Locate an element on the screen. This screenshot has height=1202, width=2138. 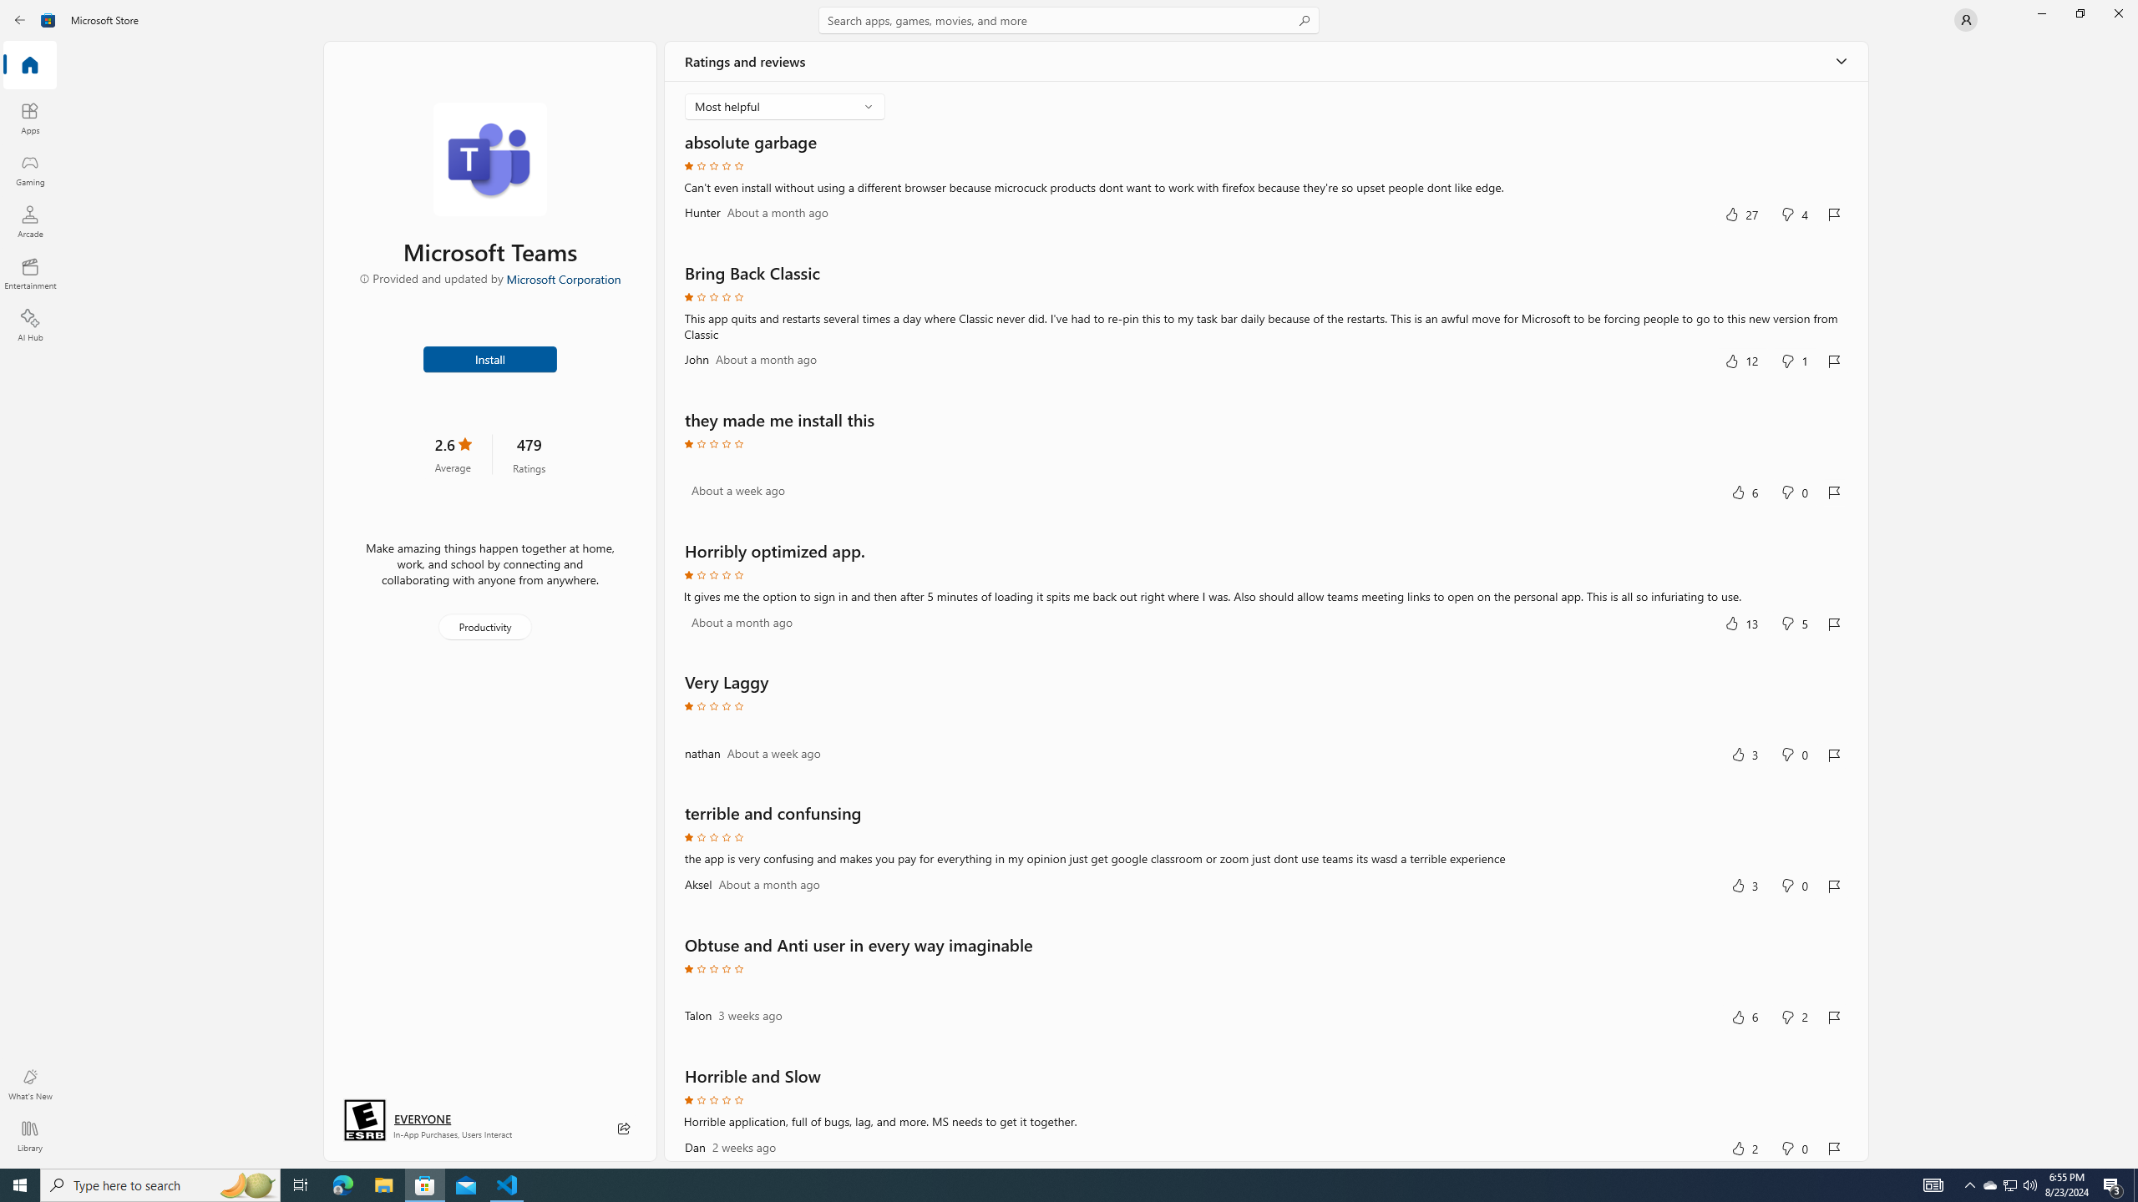
'Entertainment' is located at coordinates (28, 272).